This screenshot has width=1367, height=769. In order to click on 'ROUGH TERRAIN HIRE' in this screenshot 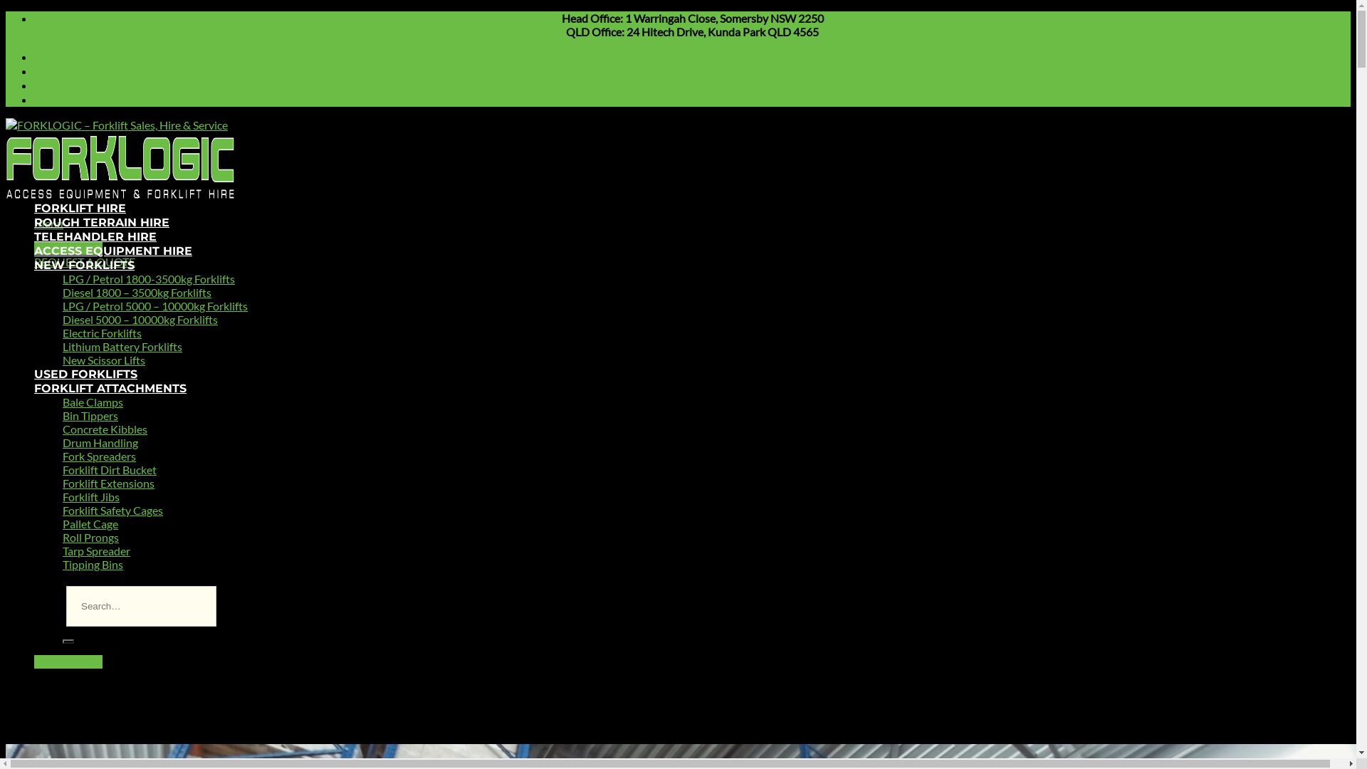, I will do `click(34, 222)`.